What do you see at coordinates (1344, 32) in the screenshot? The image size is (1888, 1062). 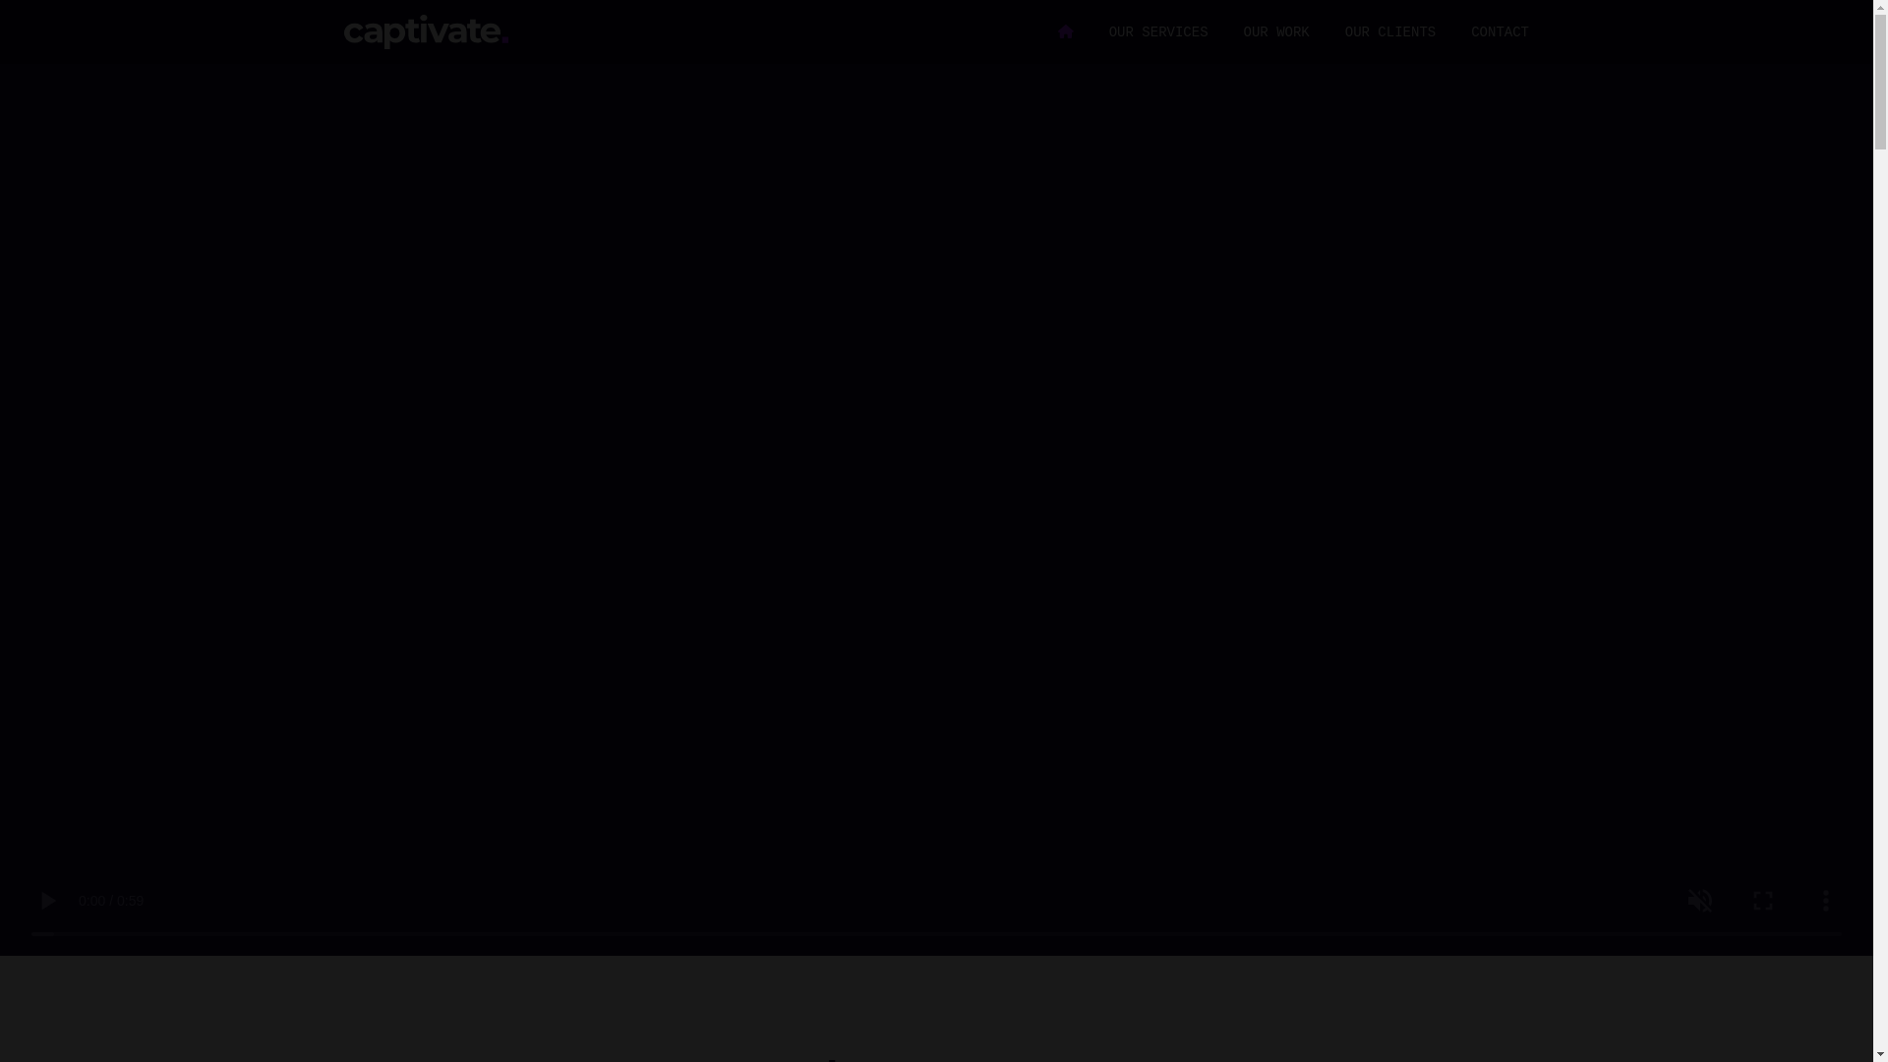 I see `'OUR CLIENTS'` at bounding box center [1344, 32].